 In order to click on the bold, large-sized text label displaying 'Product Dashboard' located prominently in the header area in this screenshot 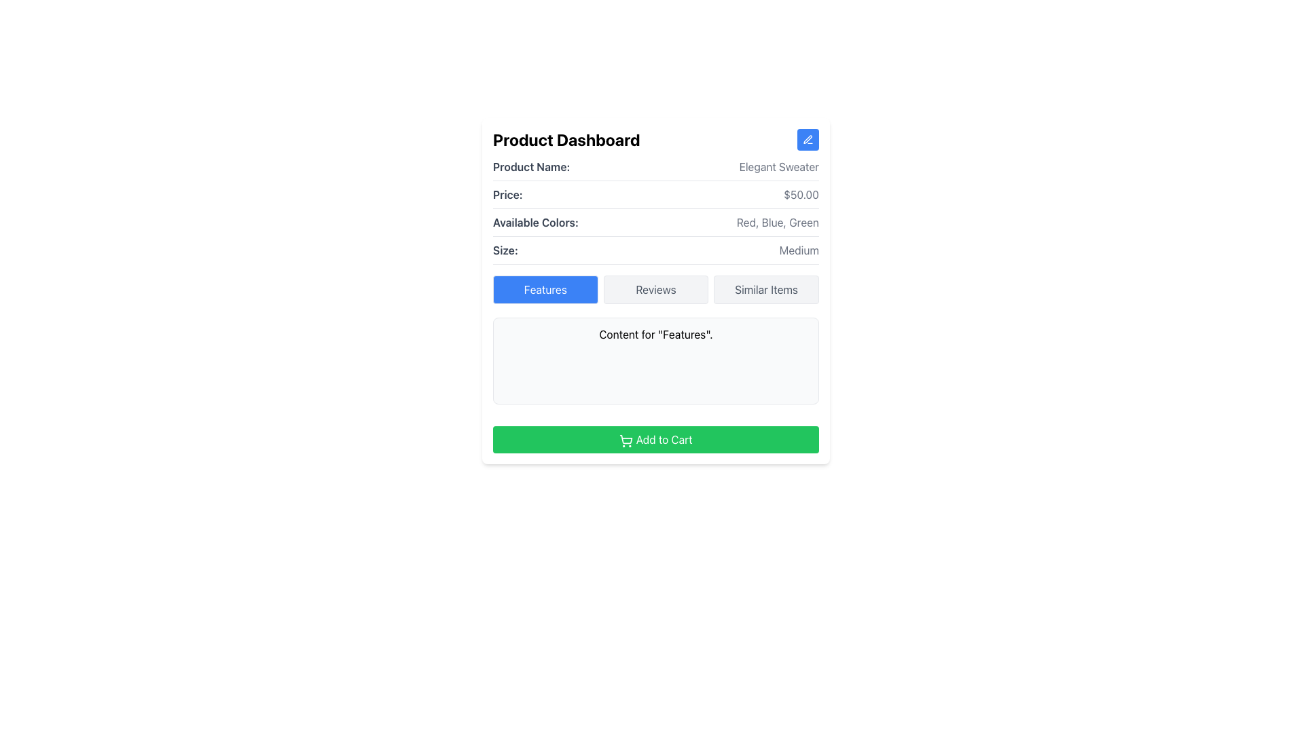, I will do `click(566, 139)`.